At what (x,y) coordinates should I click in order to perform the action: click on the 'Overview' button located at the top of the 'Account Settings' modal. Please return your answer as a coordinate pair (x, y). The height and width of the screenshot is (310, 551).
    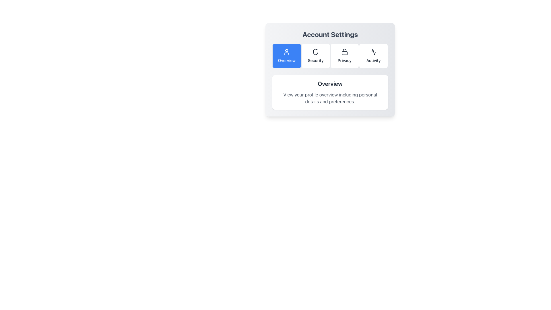
    Looking at the image, I should click on (287, 56).